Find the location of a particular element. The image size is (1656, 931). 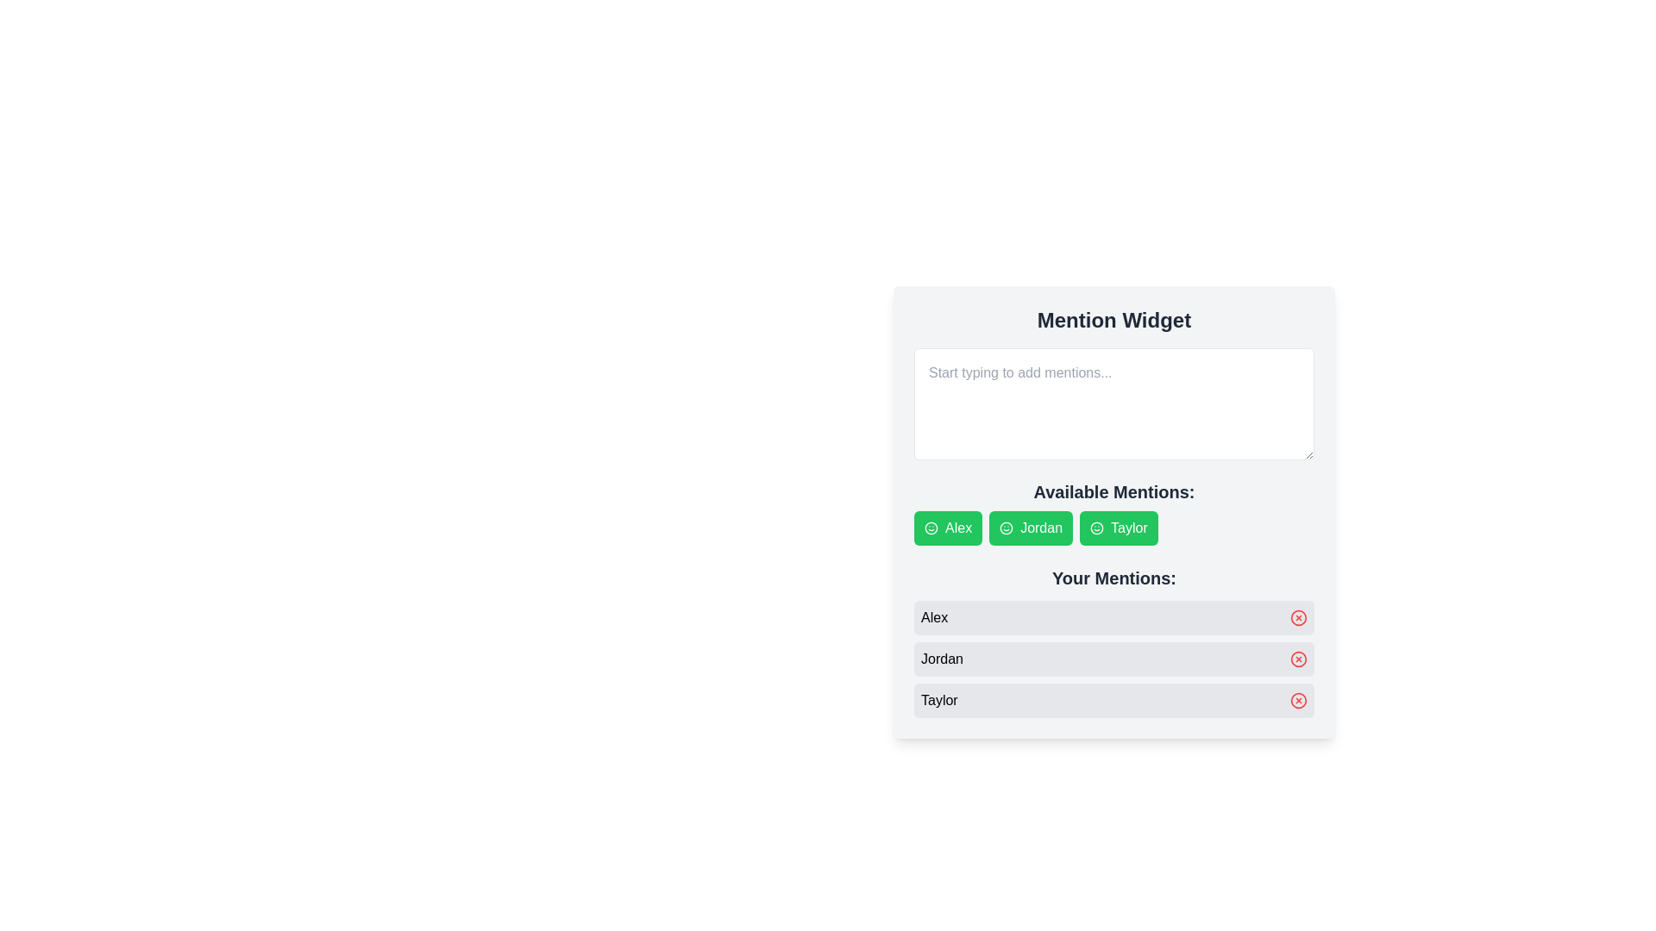

the delete button for the mention entry labeled 'Taylor' is located at coordinates (1299, 701).